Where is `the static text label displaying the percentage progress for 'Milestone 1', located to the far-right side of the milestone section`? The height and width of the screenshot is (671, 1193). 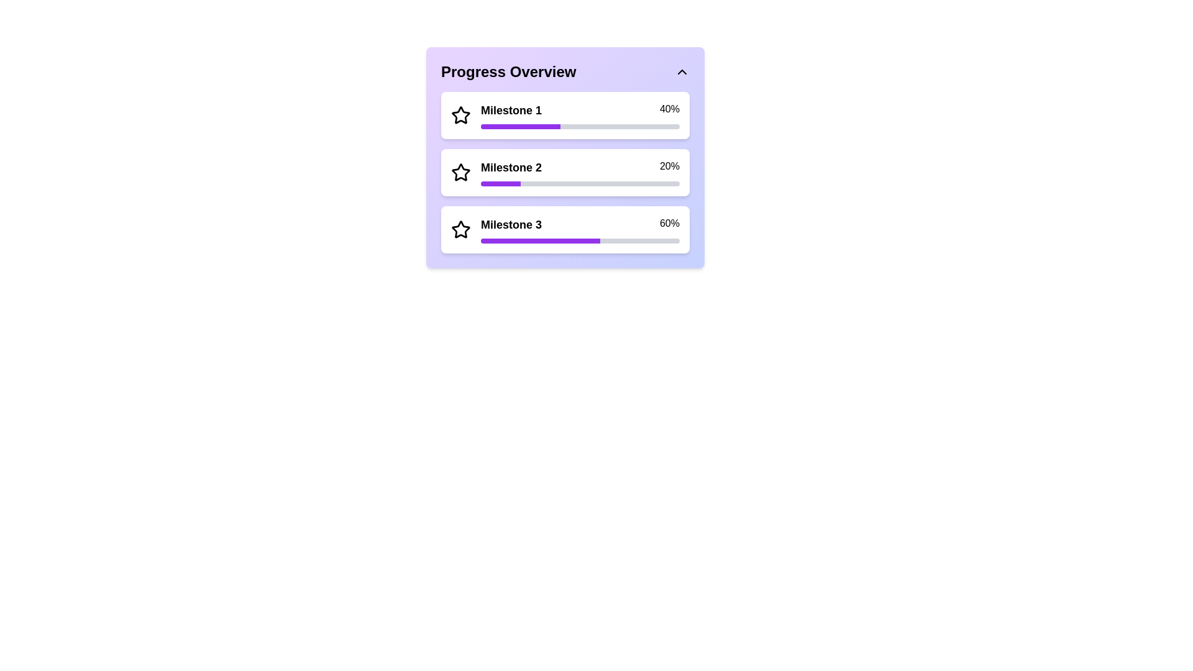 the static text label displaying the percentage progress for 'Milestone 1', located to the far-right side of the milestone section is located at coordinates (669, 109).